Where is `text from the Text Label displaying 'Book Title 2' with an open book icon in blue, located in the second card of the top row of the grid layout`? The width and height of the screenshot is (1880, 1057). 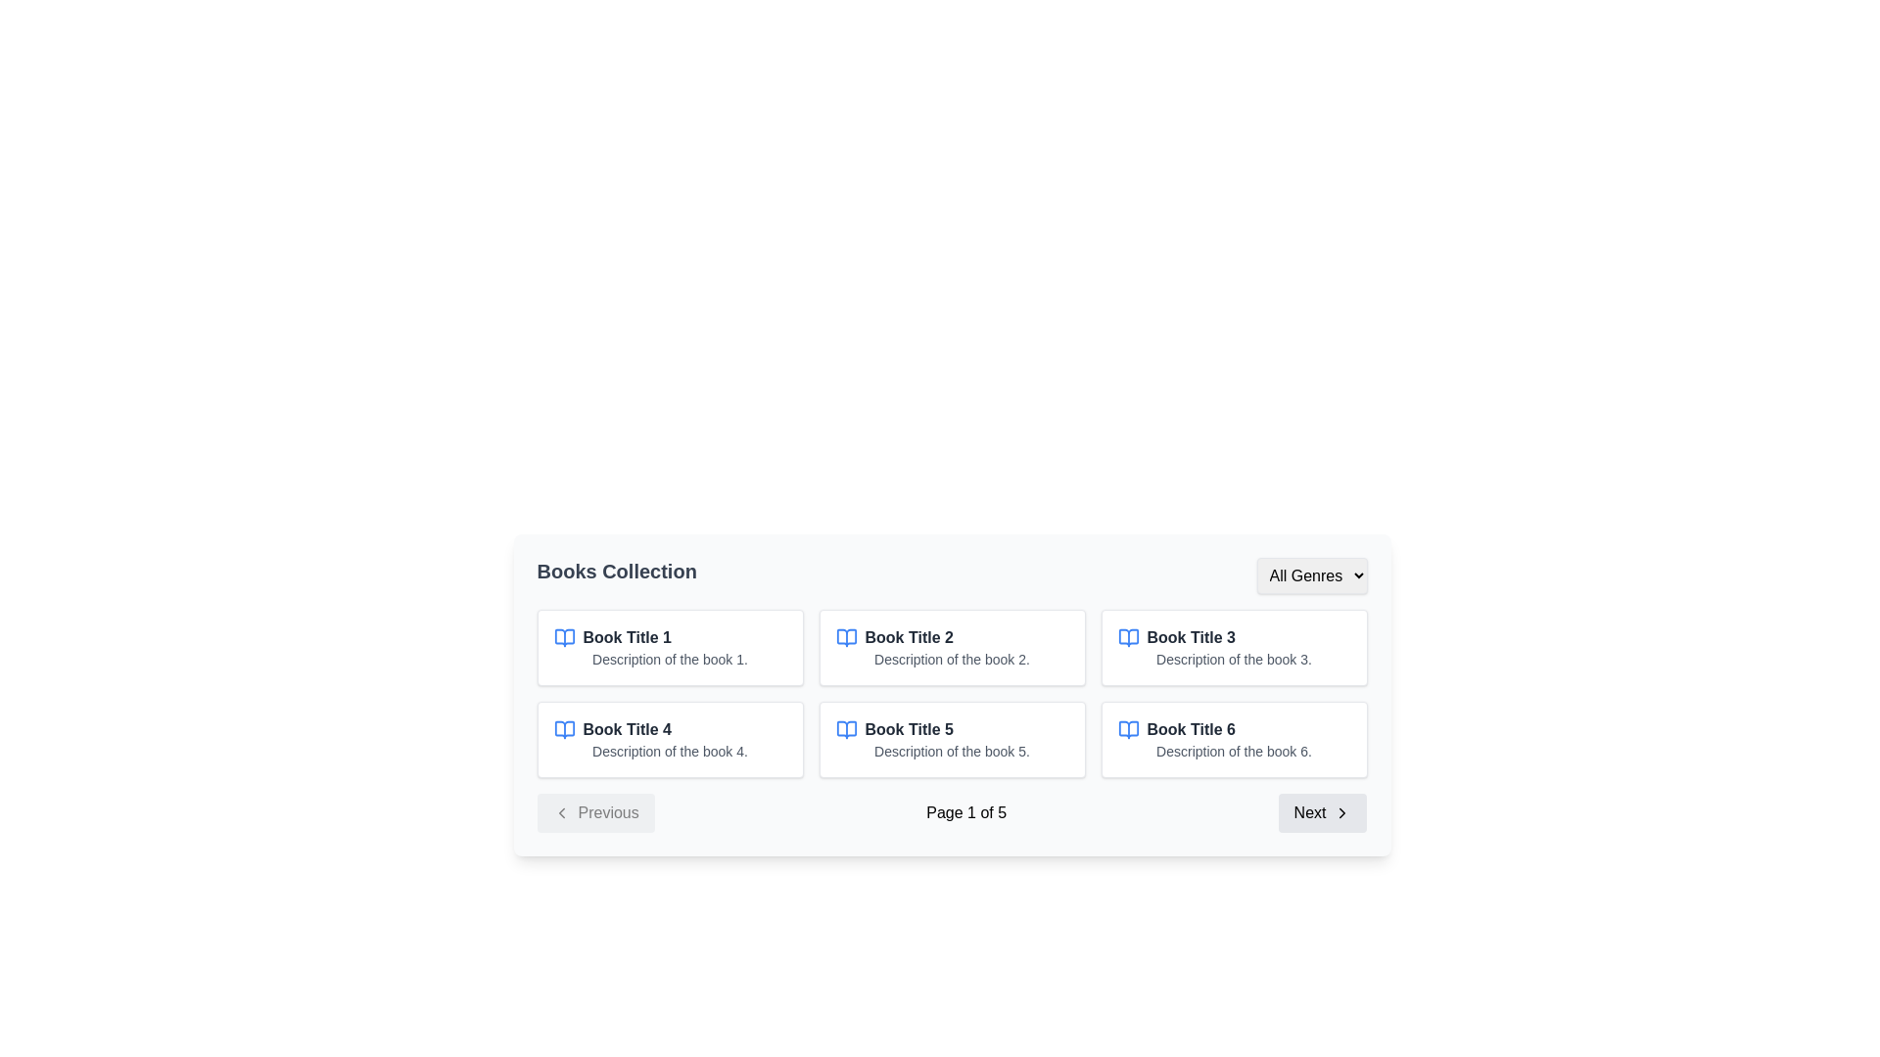 text from the Text Label displaying 'Book Title 2' with an open book icon in blue, located in the second card of the top row of the grid layout is located at coordinates (952, 637).